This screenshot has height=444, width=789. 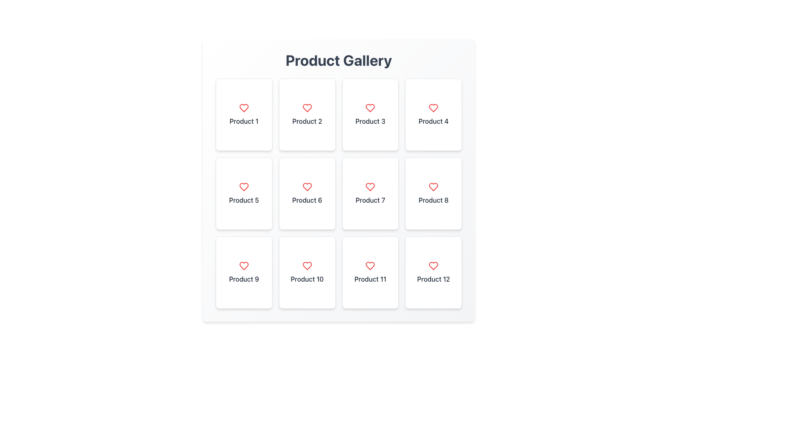 What do you see at coordinates (307, 200) in the screenshot?
I see `the text label displaying 'Product 6', which is styled with medium font weight and gray color, located in the center of its card in the 'Product Gallery' interface` at bounding box center [307, 200].